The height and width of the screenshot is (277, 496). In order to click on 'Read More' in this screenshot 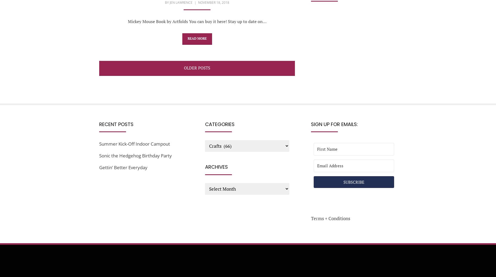, I will do `click(197, 38)`.